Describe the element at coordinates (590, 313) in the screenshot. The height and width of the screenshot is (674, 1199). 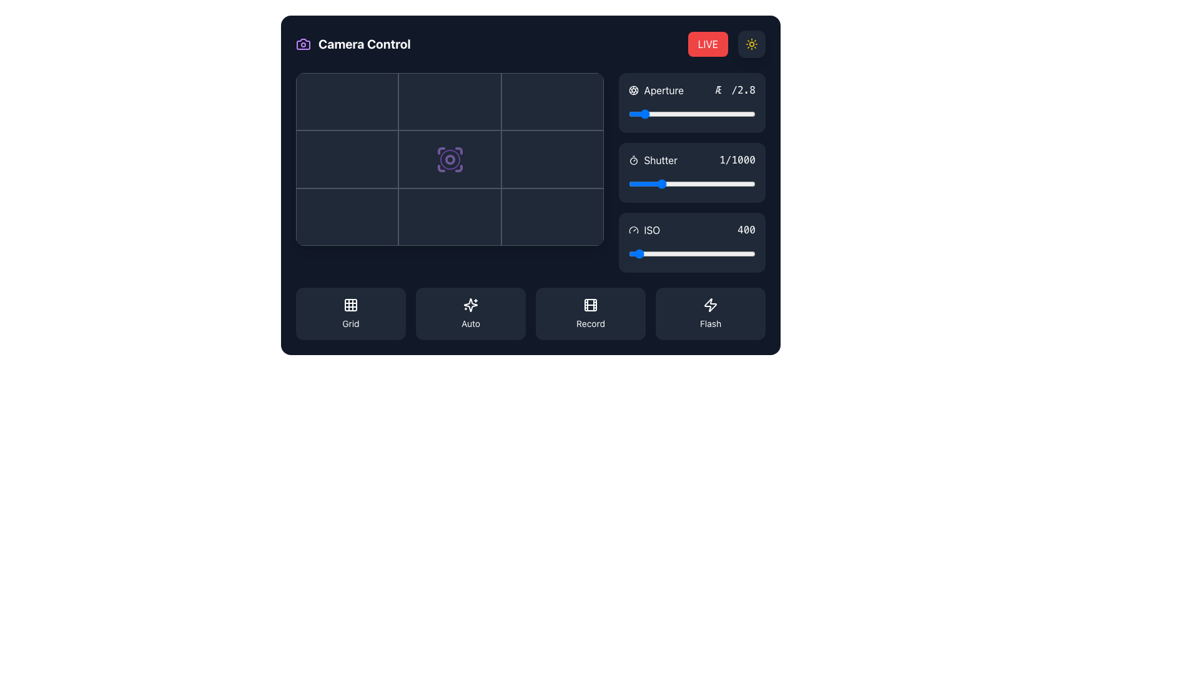
I see `the recording functionality button located in the third column of buttons at the bottom of the interface, between the 'Auto' and 'Flash' buttons` at that location.